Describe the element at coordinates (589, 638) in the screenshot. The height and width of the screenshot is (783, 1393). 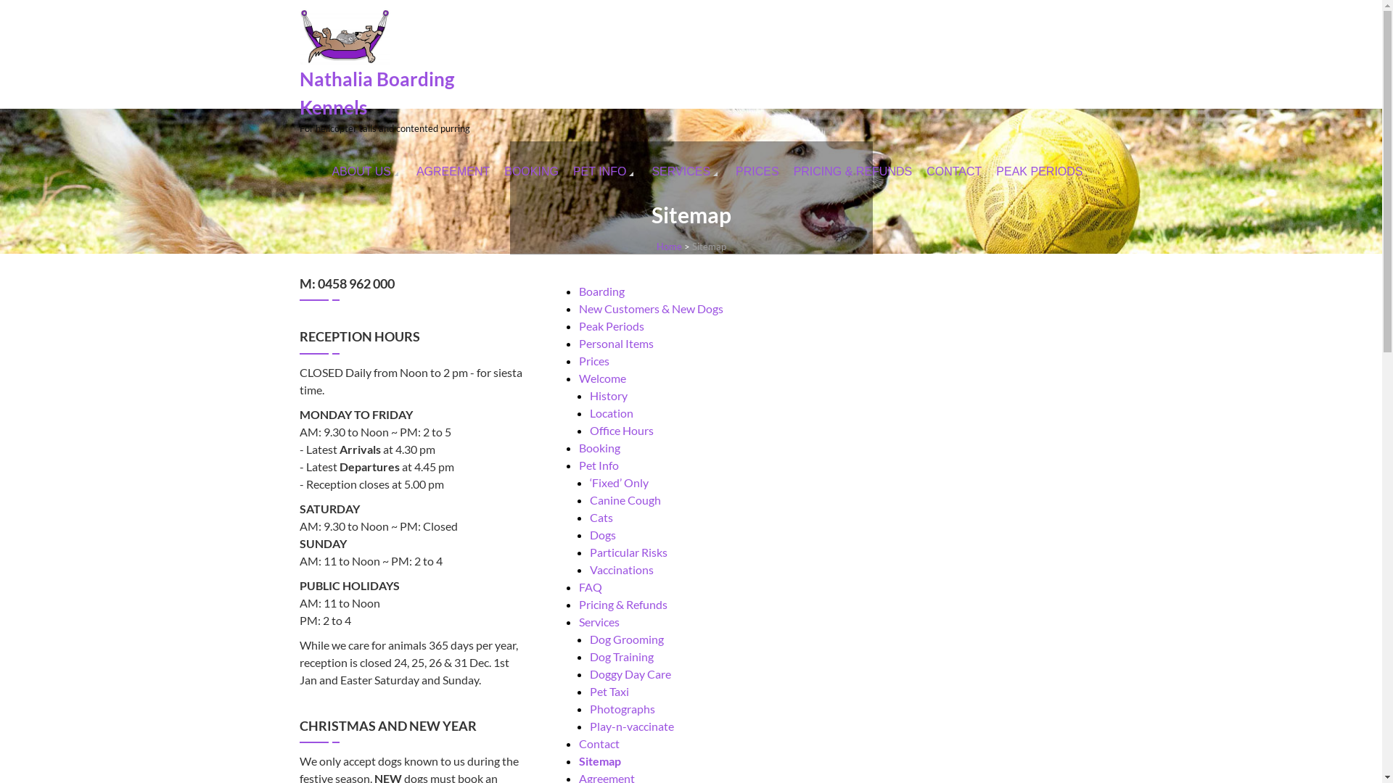
I see `'Dog Grooming'` at that location.